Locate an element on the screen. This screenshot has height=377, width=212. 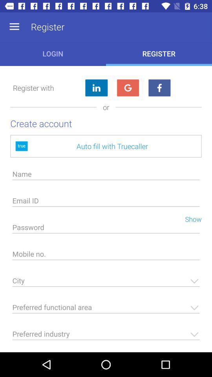
the first text box is located at coordinates (106, 176).